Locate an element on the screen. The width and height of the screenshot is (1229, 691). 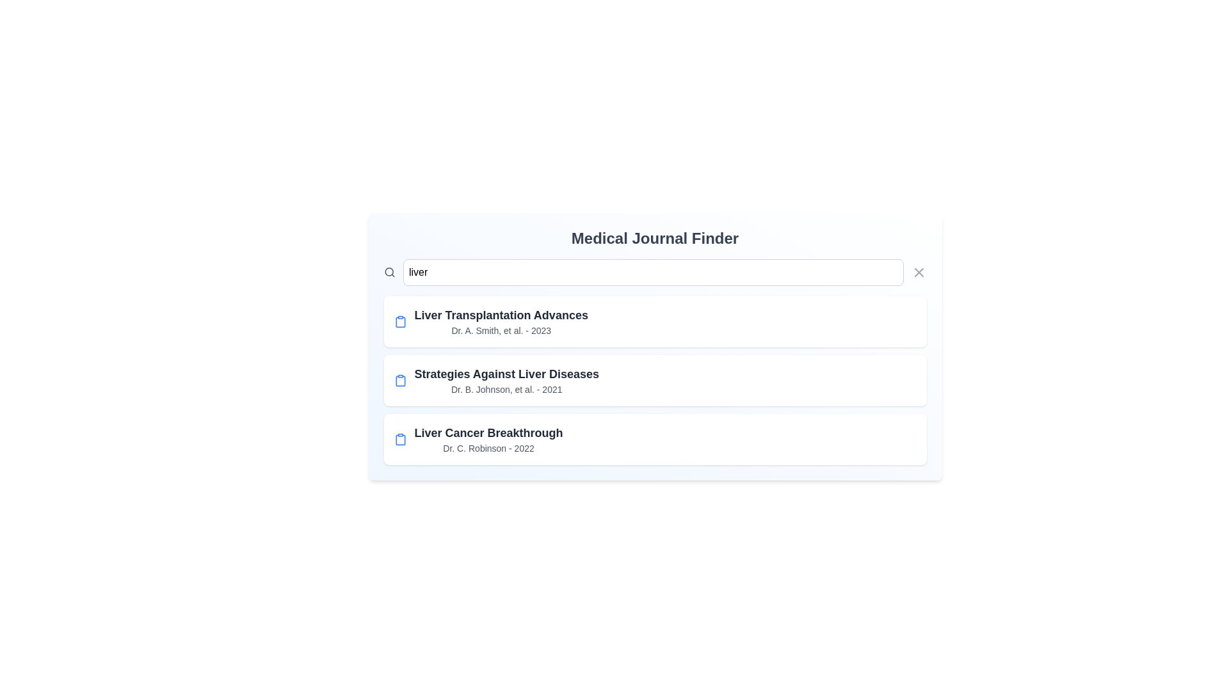
the gray magnifying glass icon representing the search functionality, located immediately to the left of the text input field with the placeholder 'Search articles by topic...' is located at coordinates (389, 271).